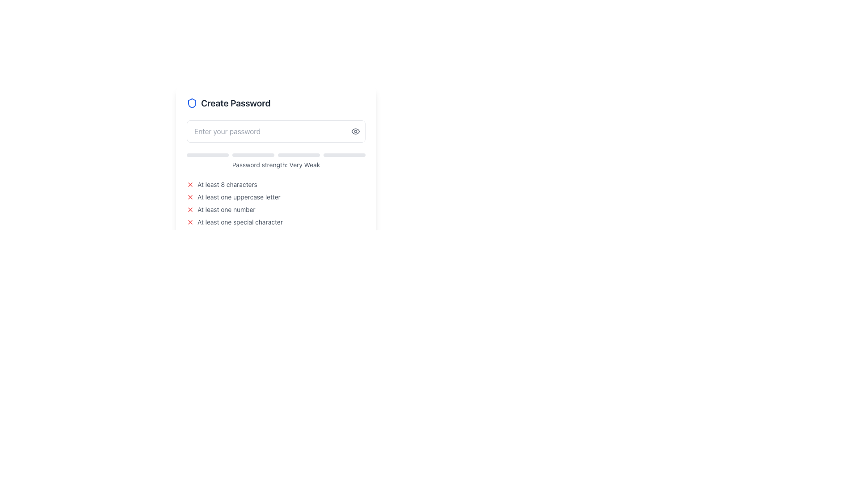 This screenshot has width=858, height=483. I want to click on text label that indicates the password requirement for including at least one uppercase letter, which is the second item in the password criteria list, so click(239, 196).